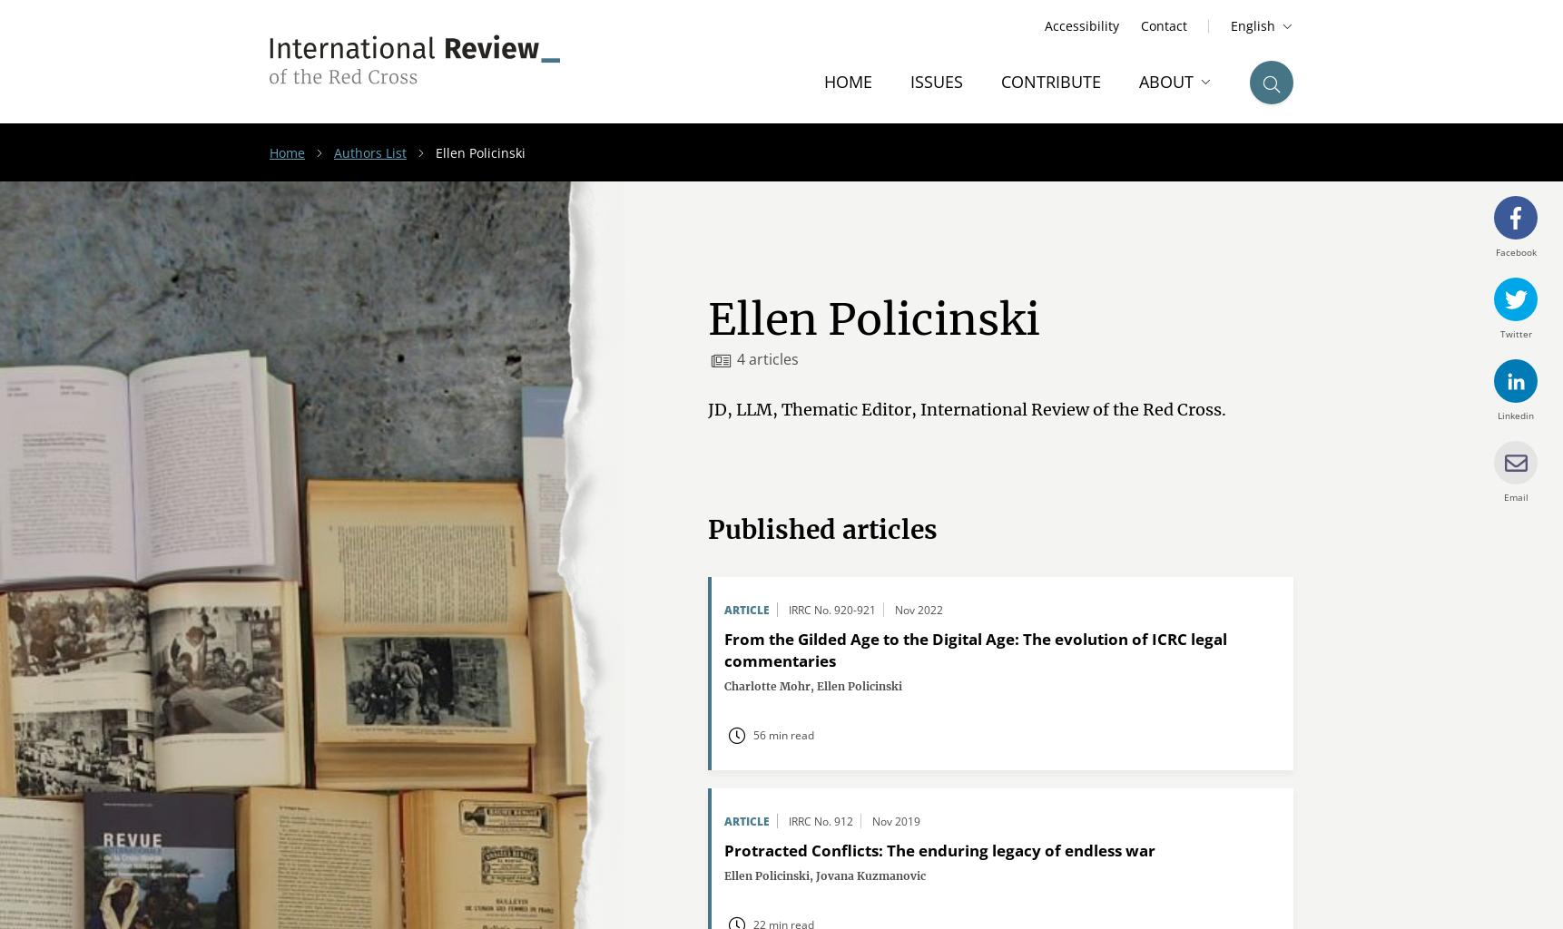  Describe the element at coordinates (825, 875) in the screenshot. I see `'Ellen Policinski, Jovana Kuzmanovic'` at that location.